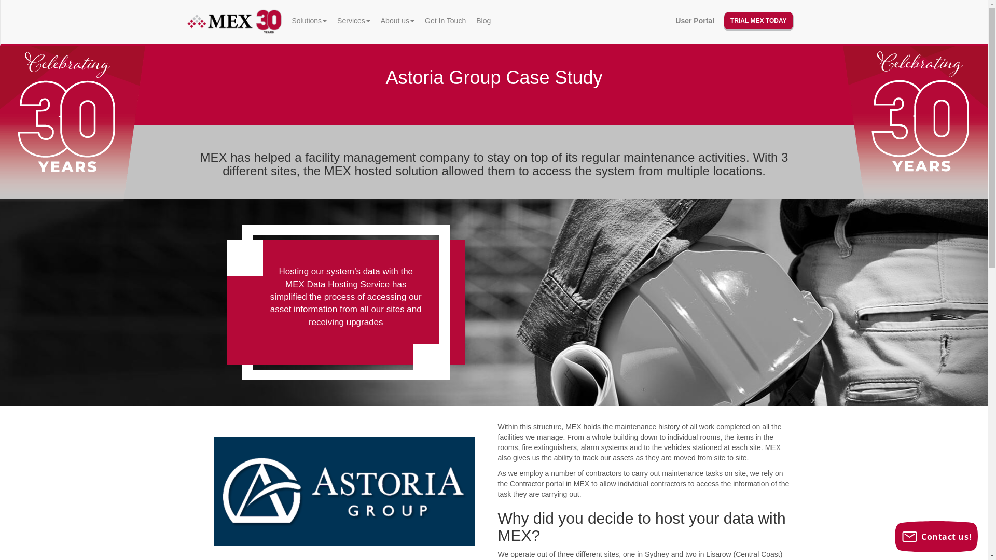 This screenshot has width=996, height=560. Describe the element at coordinates (936, 536) in the screenshot. I see `'Contact us!'` at that location.